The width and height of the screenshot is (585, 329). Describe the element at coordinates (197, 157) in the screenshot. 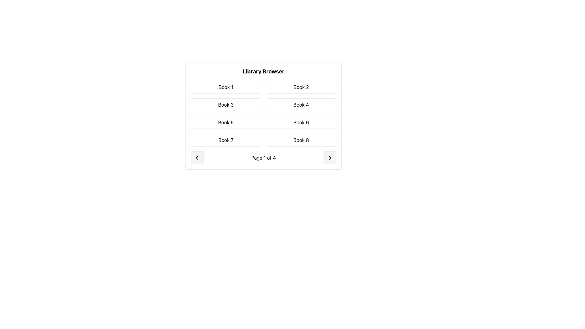

I see `the small, square-shaped button with a gray background and a black left-pointing chevron icon, located on the left side of the pagination control bar below the grid of book names` at that location.